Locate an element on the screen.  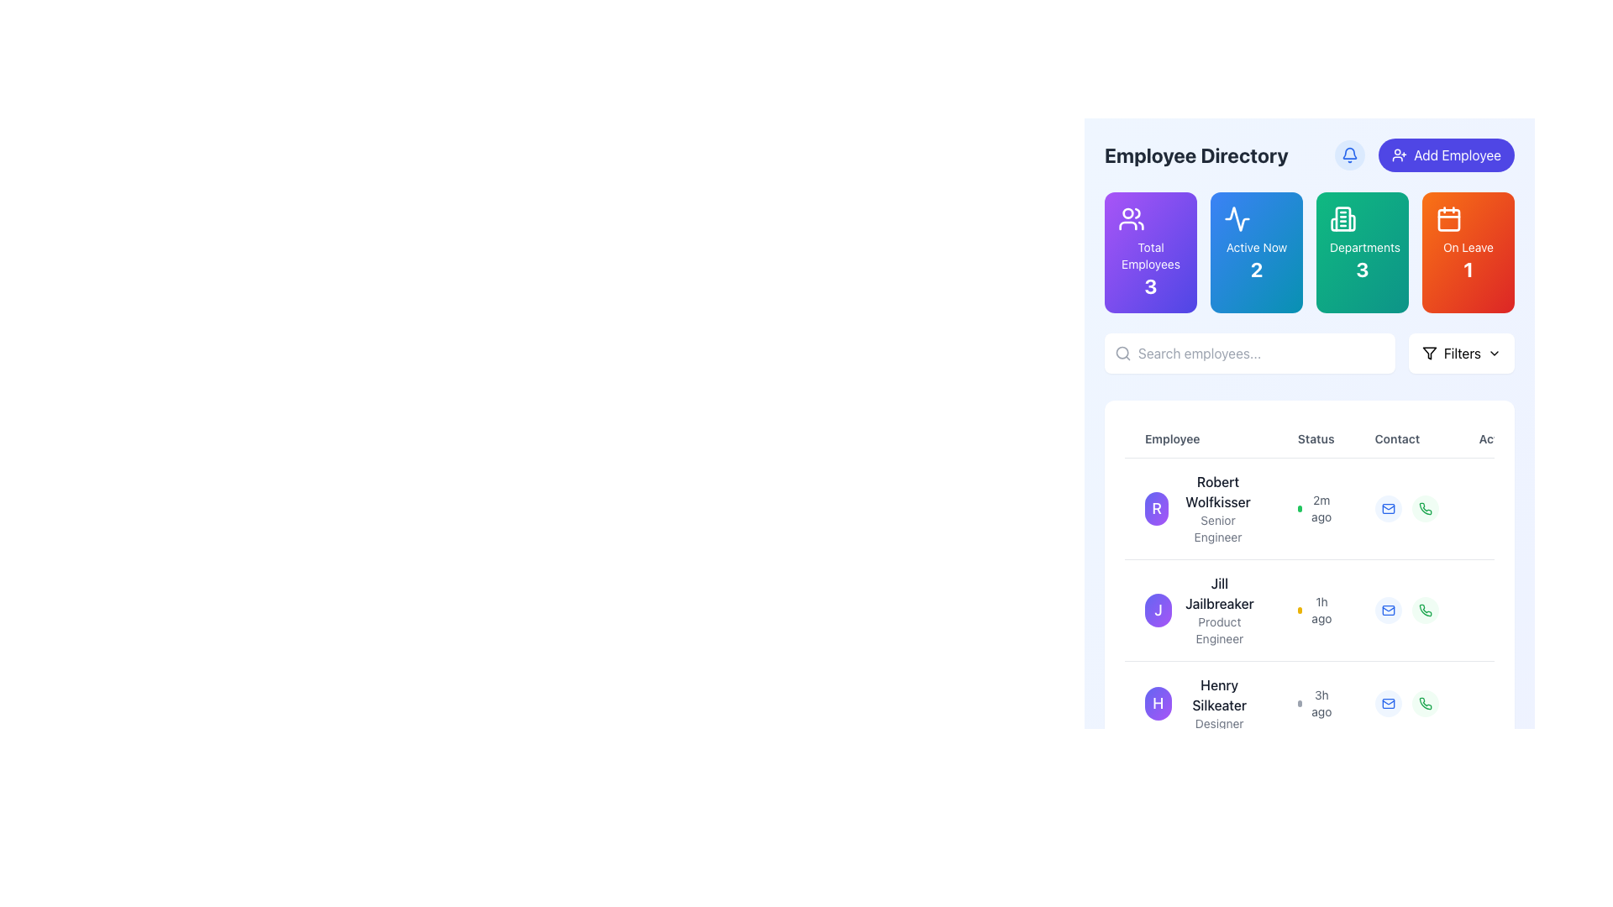
the chevron icon located to the far right of the 'Filters' button group is located at coordinates (1495, 352).